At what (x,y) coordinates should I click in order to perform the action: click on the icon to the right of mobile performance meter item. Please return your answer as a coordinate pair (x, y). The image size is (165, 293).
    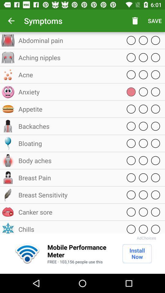
    Looking at the image, I should click on (137, 254).